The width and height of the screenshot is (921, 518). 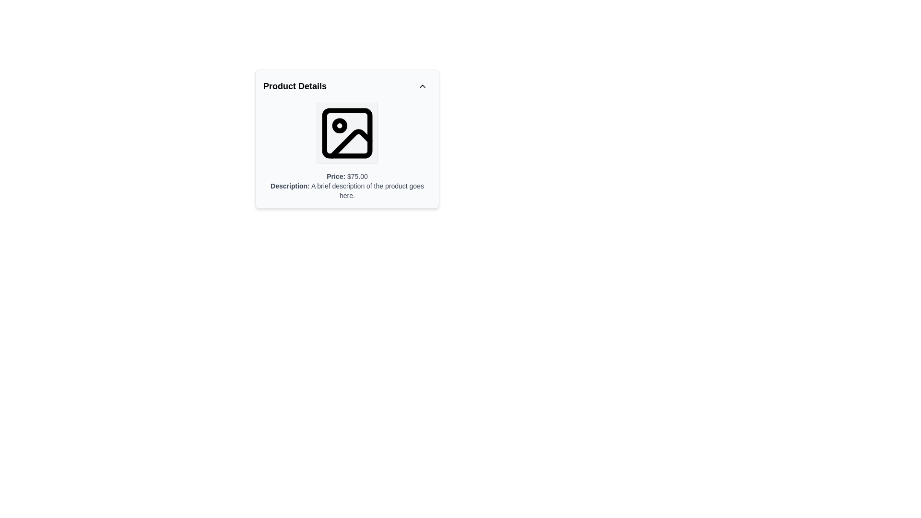 I want to click on the image placeholder located below the 'Product Details' heading, so click(x=347, y=133).